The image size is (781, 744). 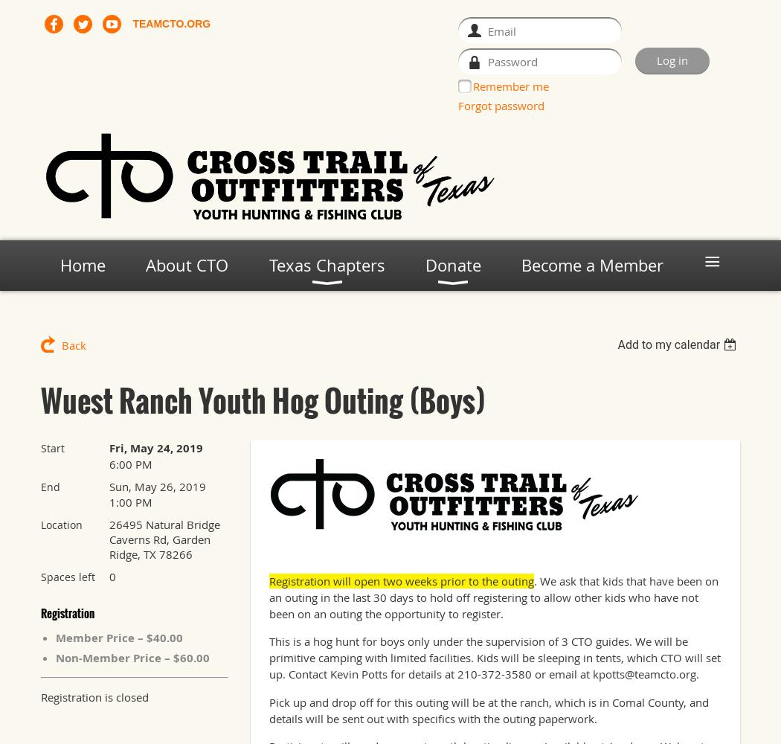 What do you see at coordinates (74, 344) in the screenshot?
I see `'Back'` at bounding box center [74, 344].